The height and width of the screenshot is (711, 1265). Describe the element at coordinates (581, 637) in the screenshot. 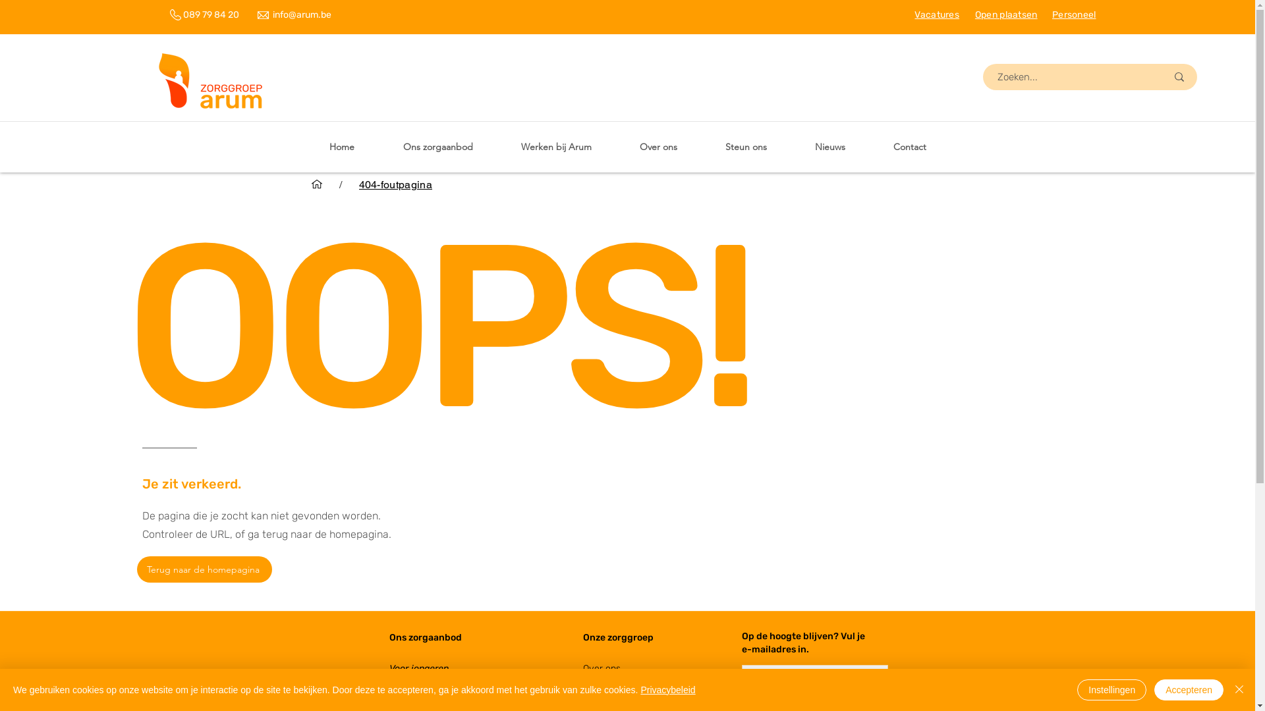

I see `'Onze zorggroep'` at that location.